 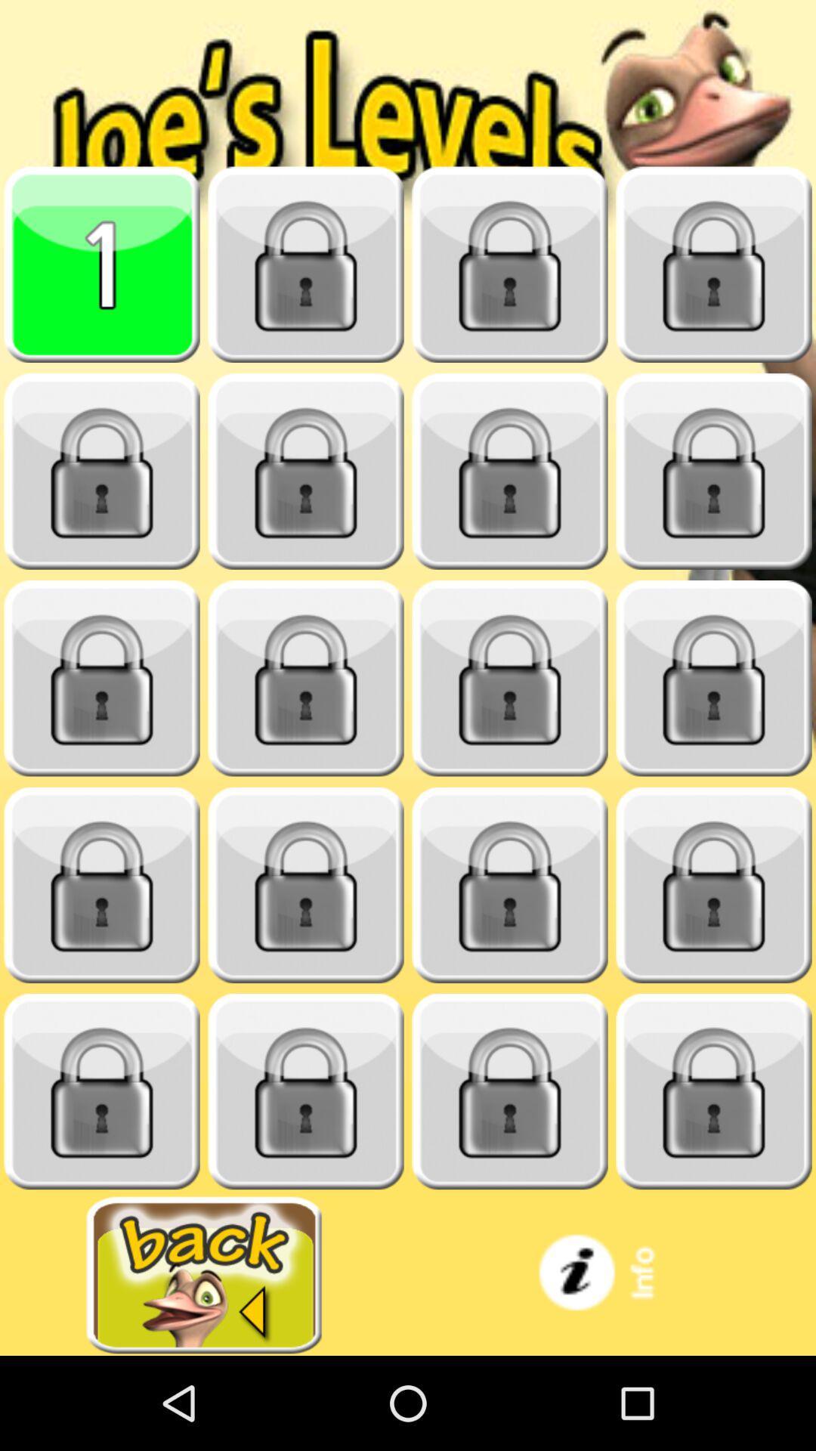 I want to click on blocked, so click(x=102, y=678).